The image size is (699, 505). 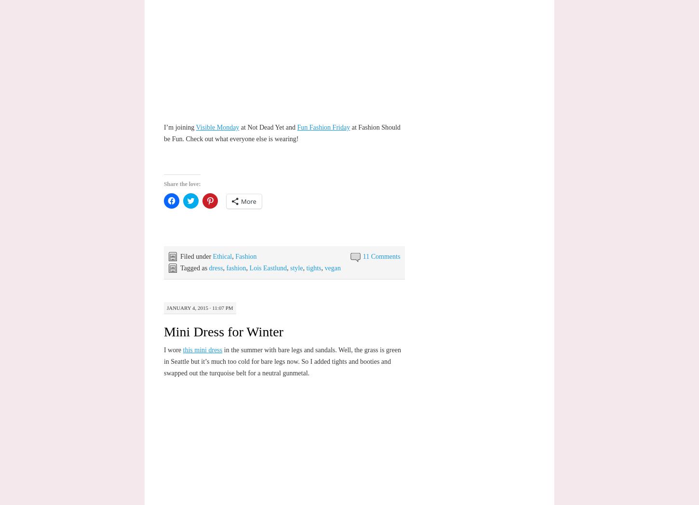 What do you see at coordinates (381, 256) in the screenshot?
I see `'11 Comments'` at bounding box center [381, 256].